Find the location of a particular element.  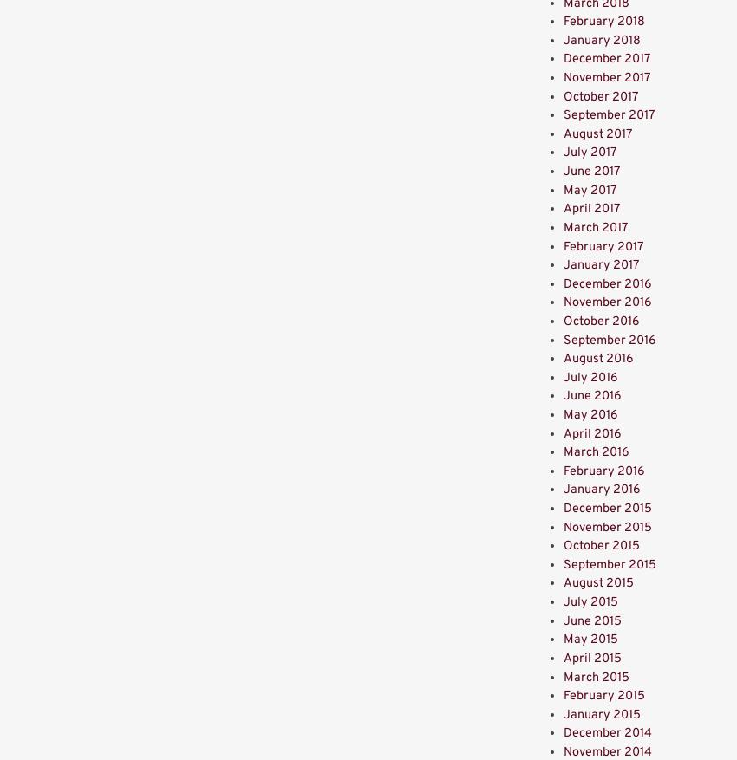

'May 2017' is located at coordinates (563, 189).